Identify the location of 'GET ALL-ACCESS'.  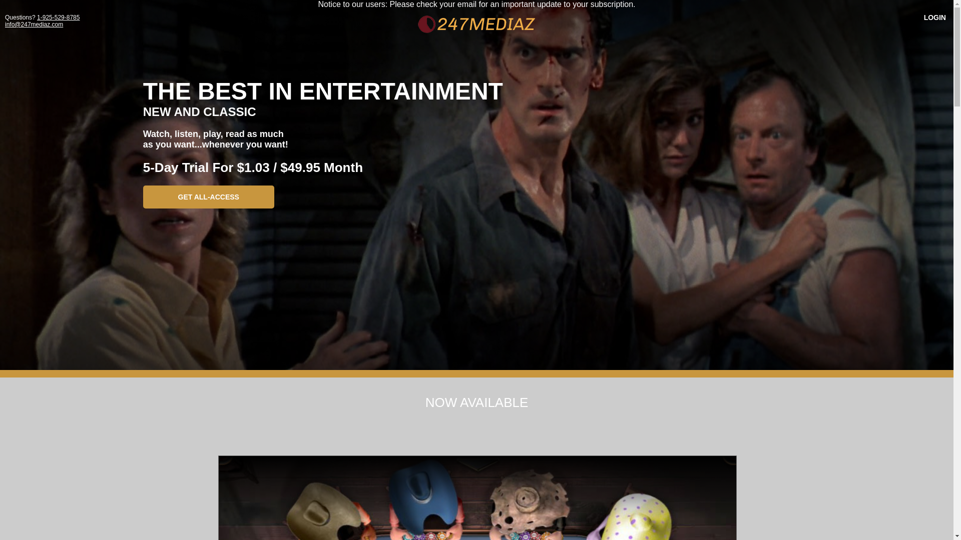
(208, 196).